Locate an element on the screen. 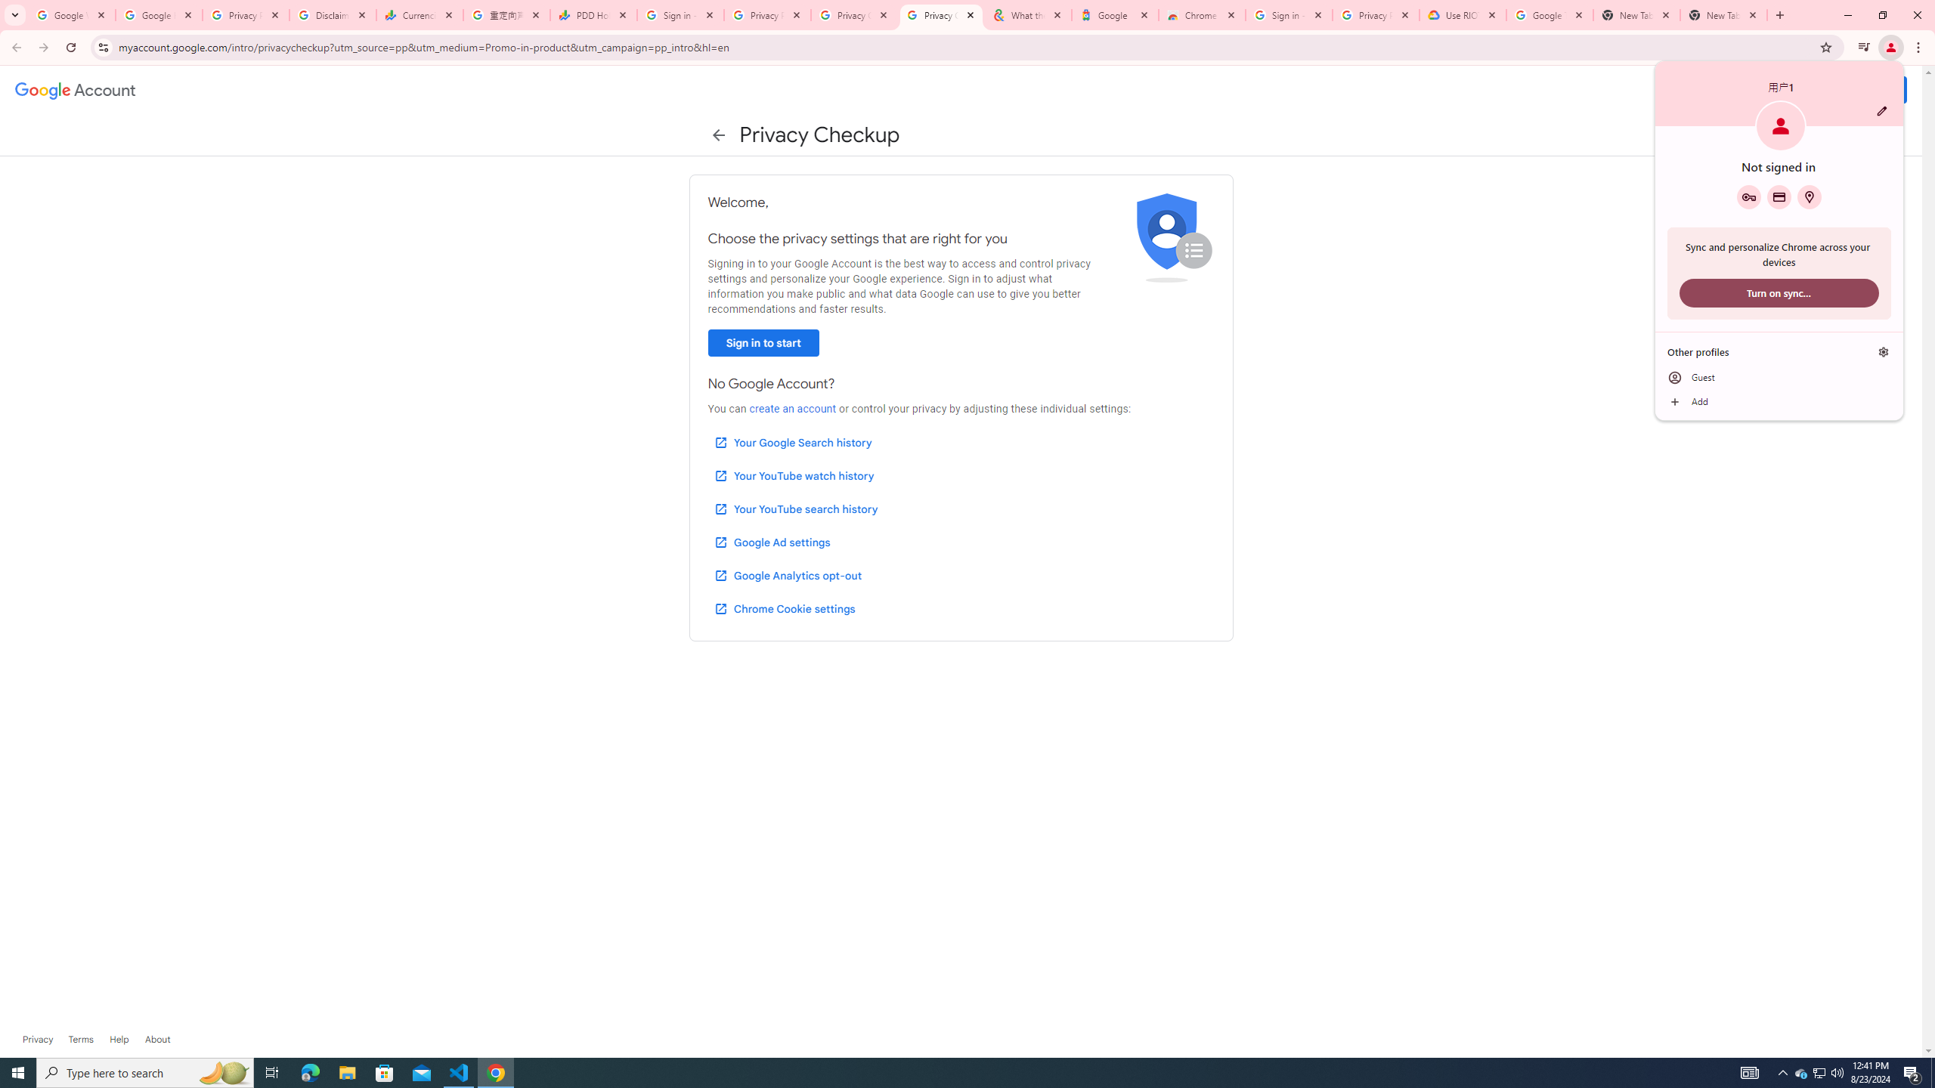 Image resolution: width=1935 pixels, height=1088 pixels. 'Action Center, 2 new notifications' is located at coordinates (1912, 1071).